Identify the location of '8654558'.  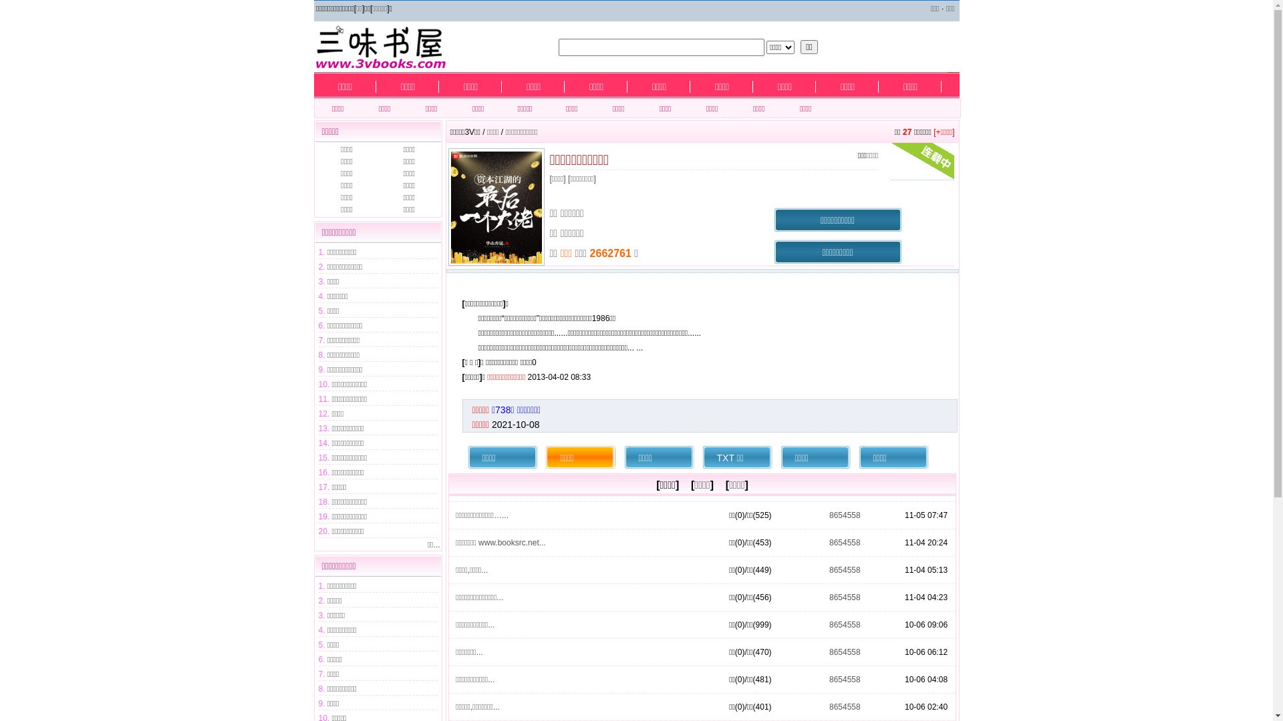
(844, 625).